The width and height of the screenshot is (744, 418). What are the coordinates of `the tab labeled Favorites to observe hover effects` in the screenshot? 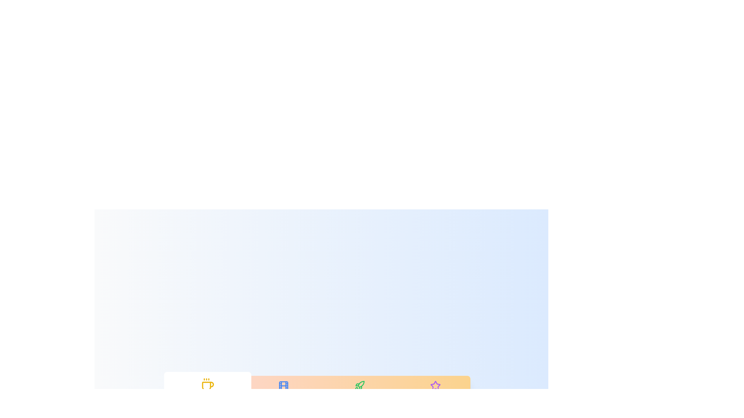 It's located at (435, 391).